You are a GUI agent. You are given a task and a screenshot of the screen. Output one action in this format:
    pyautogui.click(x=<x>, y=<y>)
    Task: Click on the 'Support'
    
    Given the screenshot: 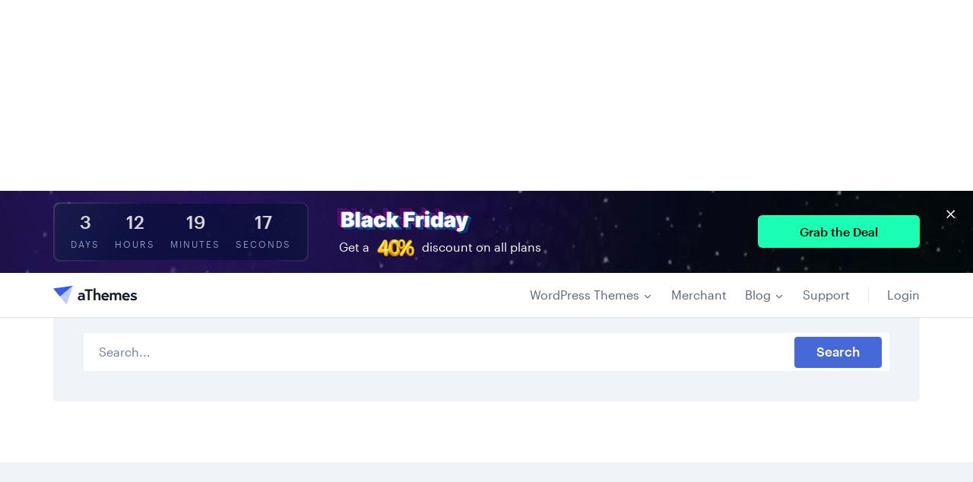 What is the action you would take?
    pyautogui.click(x=825, y=103)
    